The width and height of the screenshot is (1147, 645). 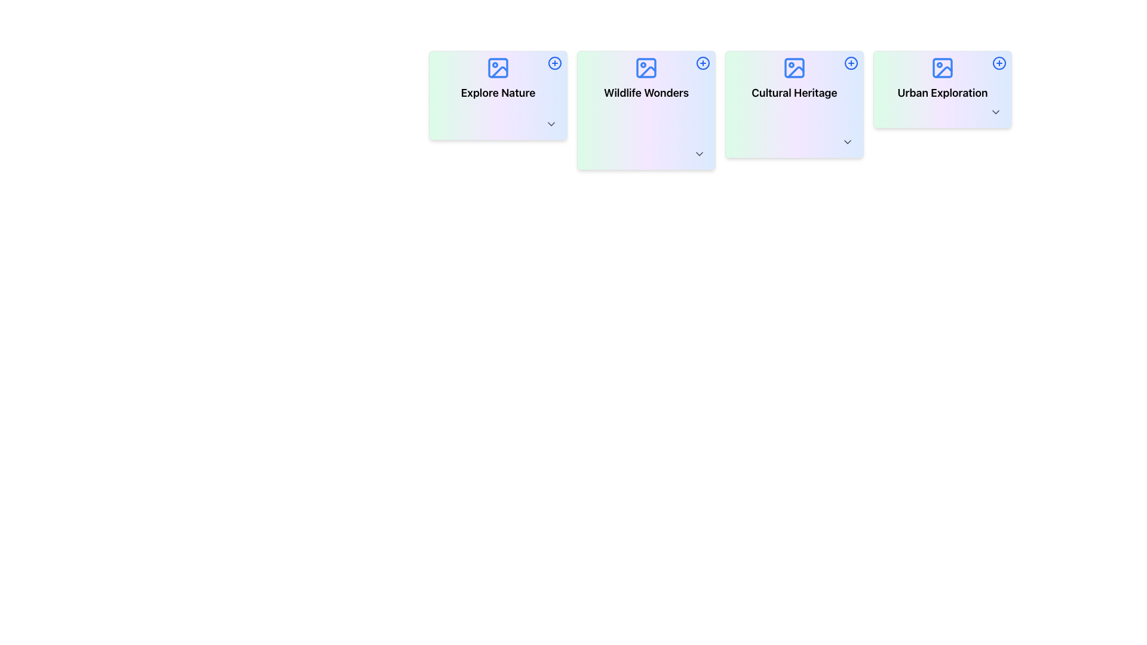 I want to click on the circular '+' button with a blue outline located in the top-right corner of the 'Cultural Heritage' tile, so click(x=851, y=63).